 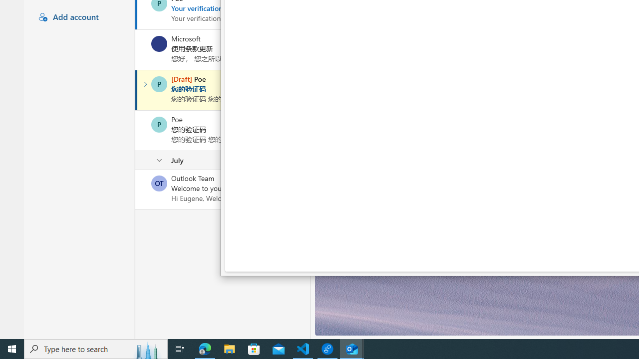 I want to click on 'Outlook (new) - 2 running windows', so click(x=352, y=348).